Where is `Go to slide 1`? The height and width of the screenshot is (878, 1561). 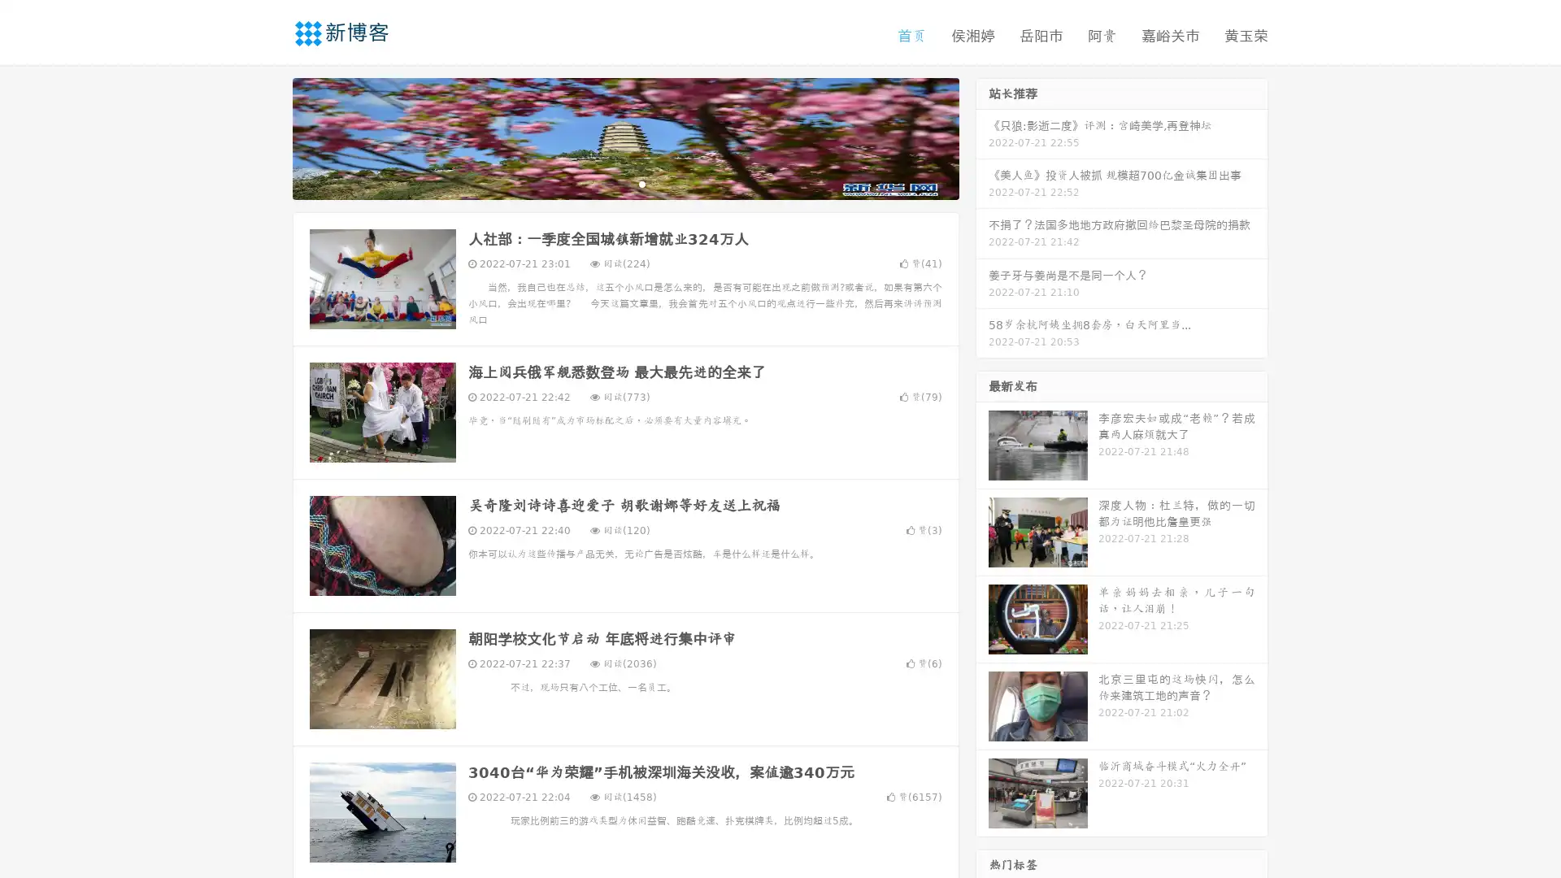
Go to slide 1 is located at coordinates (608, 183).